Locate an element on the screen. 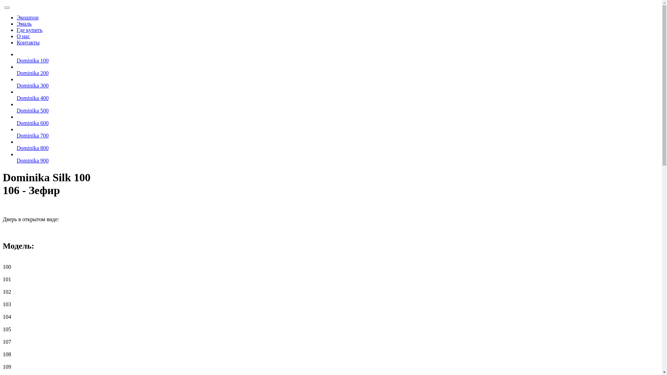  'Dominika 200' is located at coordinates (32, 73).